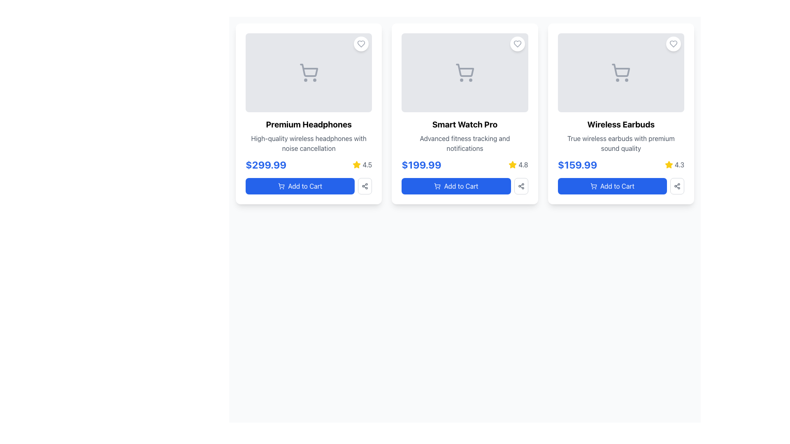  What do you see at coordinates (621, 125) in the screenshot?
I see `text from the title label of the product displayed in the third card from the left, located beneath the image placeholder` at bounding box center [621, 125].